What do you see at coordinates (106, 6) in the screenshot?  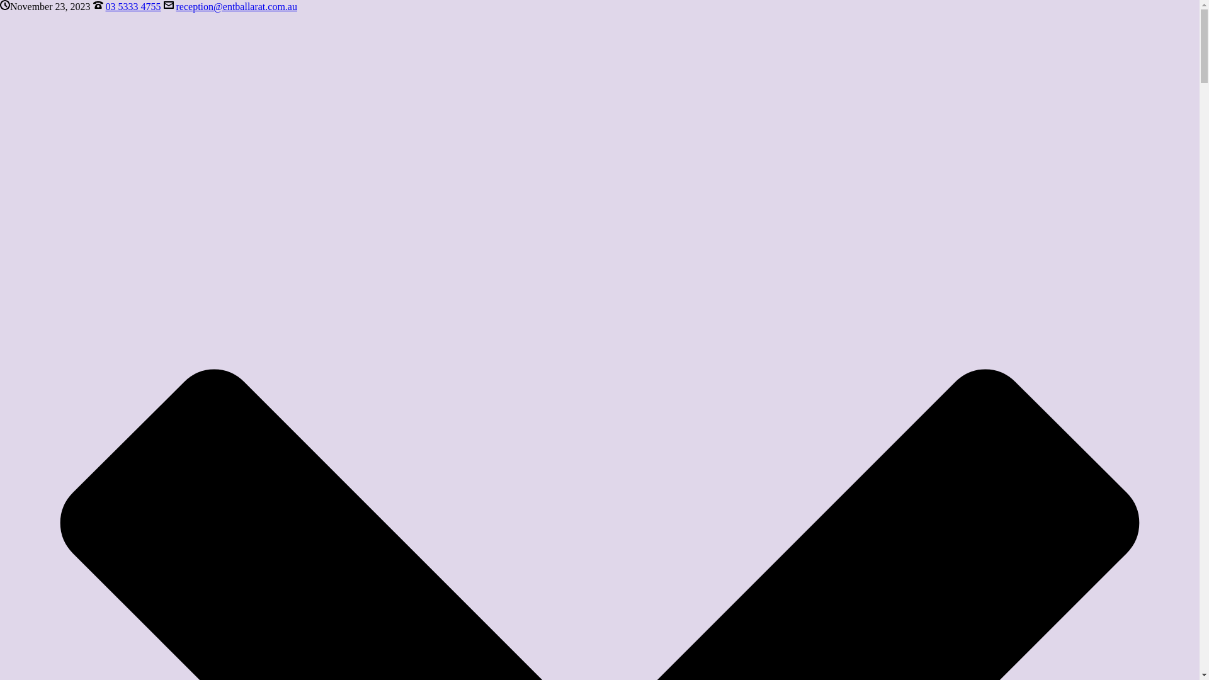 I see `'03 5333 4755'` at bounding box center [106, 6].